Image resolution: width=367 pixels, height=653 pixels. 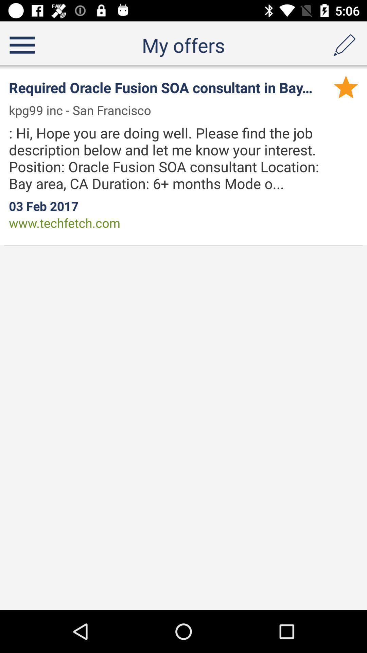 What do you see at coordinates (65, 223) in the screenshot?
I see `the item below 03 feb 2017 icon` at bounding box center [65, 223].